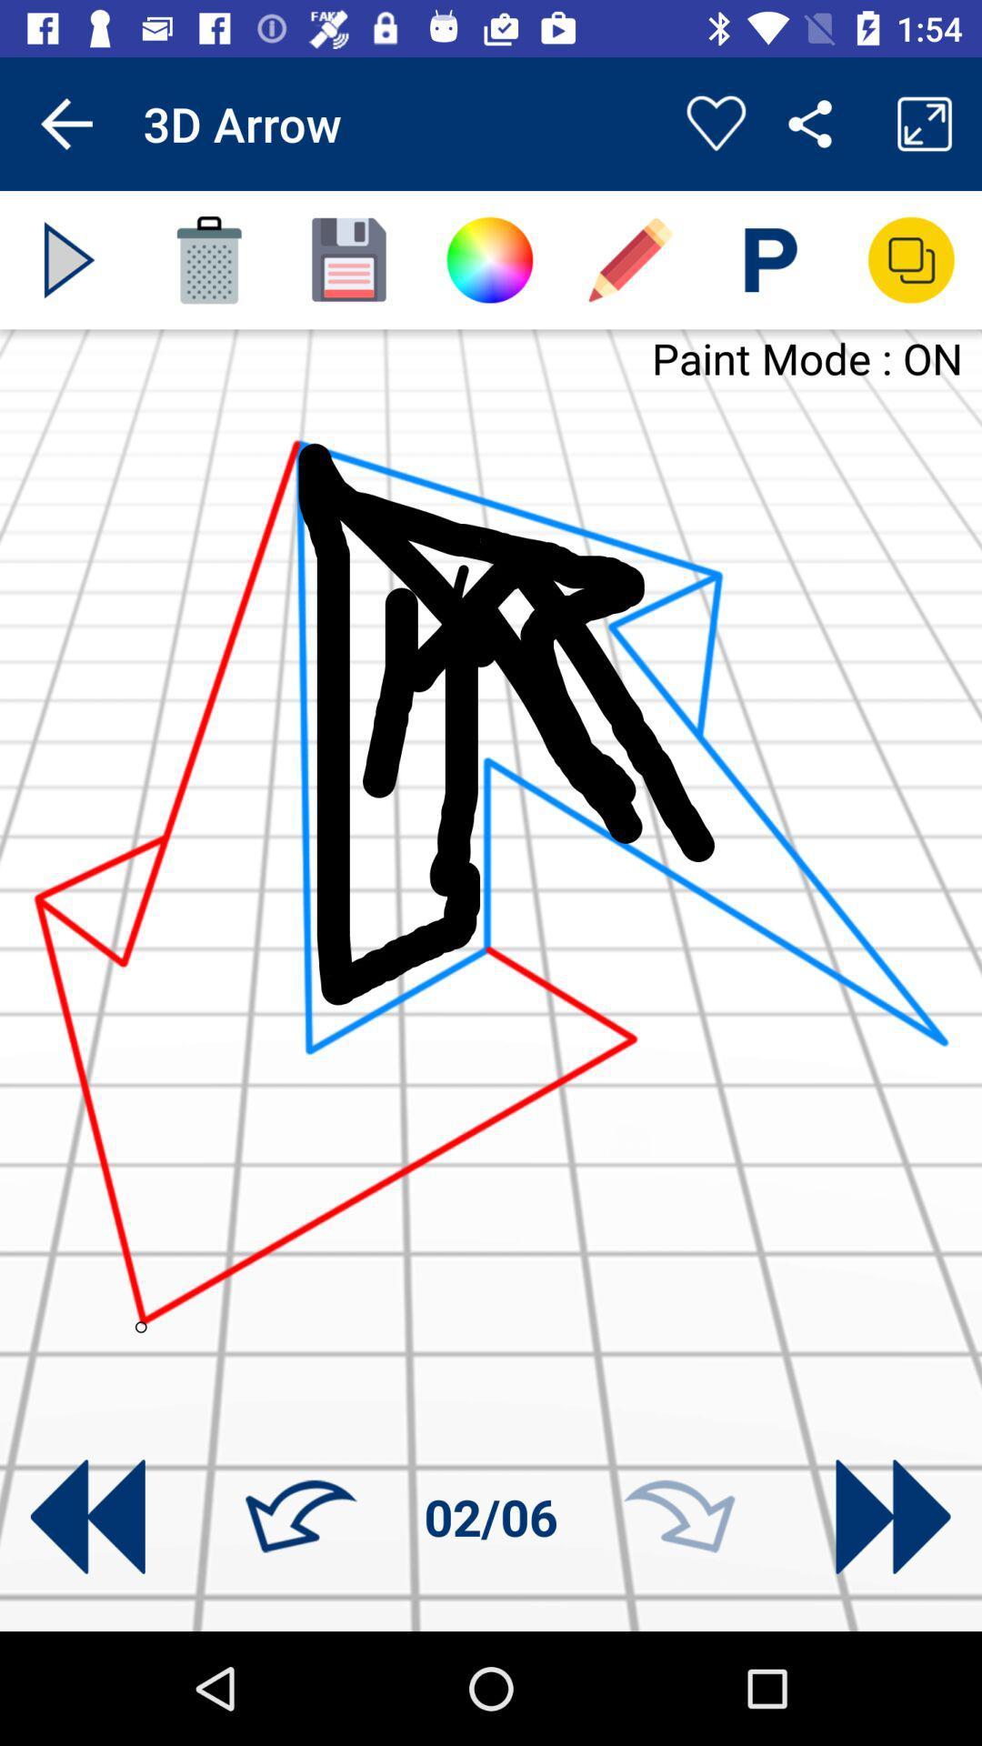 The image size is (982, 1746). I want to click on item, so click(68, 259).